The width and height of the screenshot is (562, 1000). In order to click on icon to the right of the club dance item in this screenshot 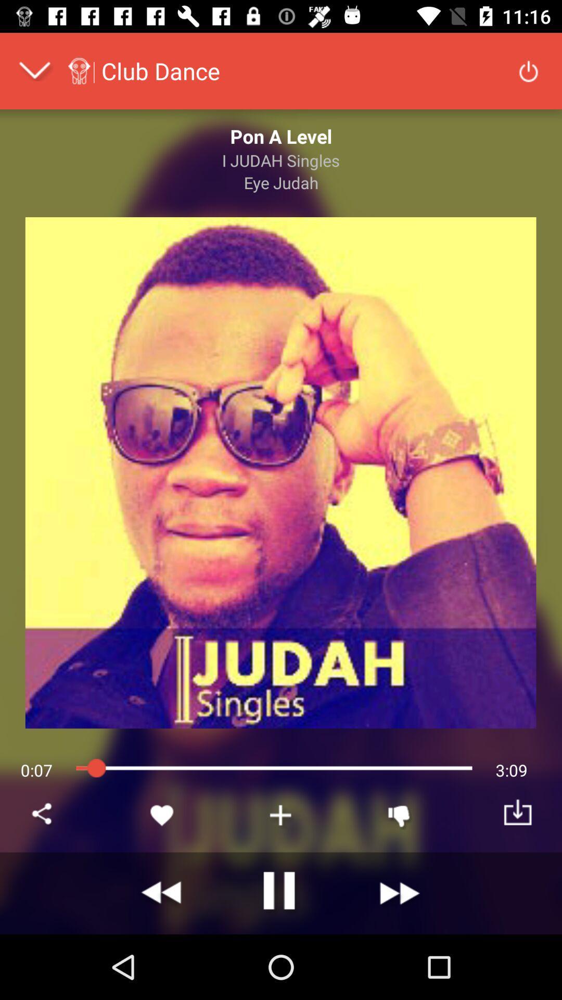, I will do `click(528, 70)`.